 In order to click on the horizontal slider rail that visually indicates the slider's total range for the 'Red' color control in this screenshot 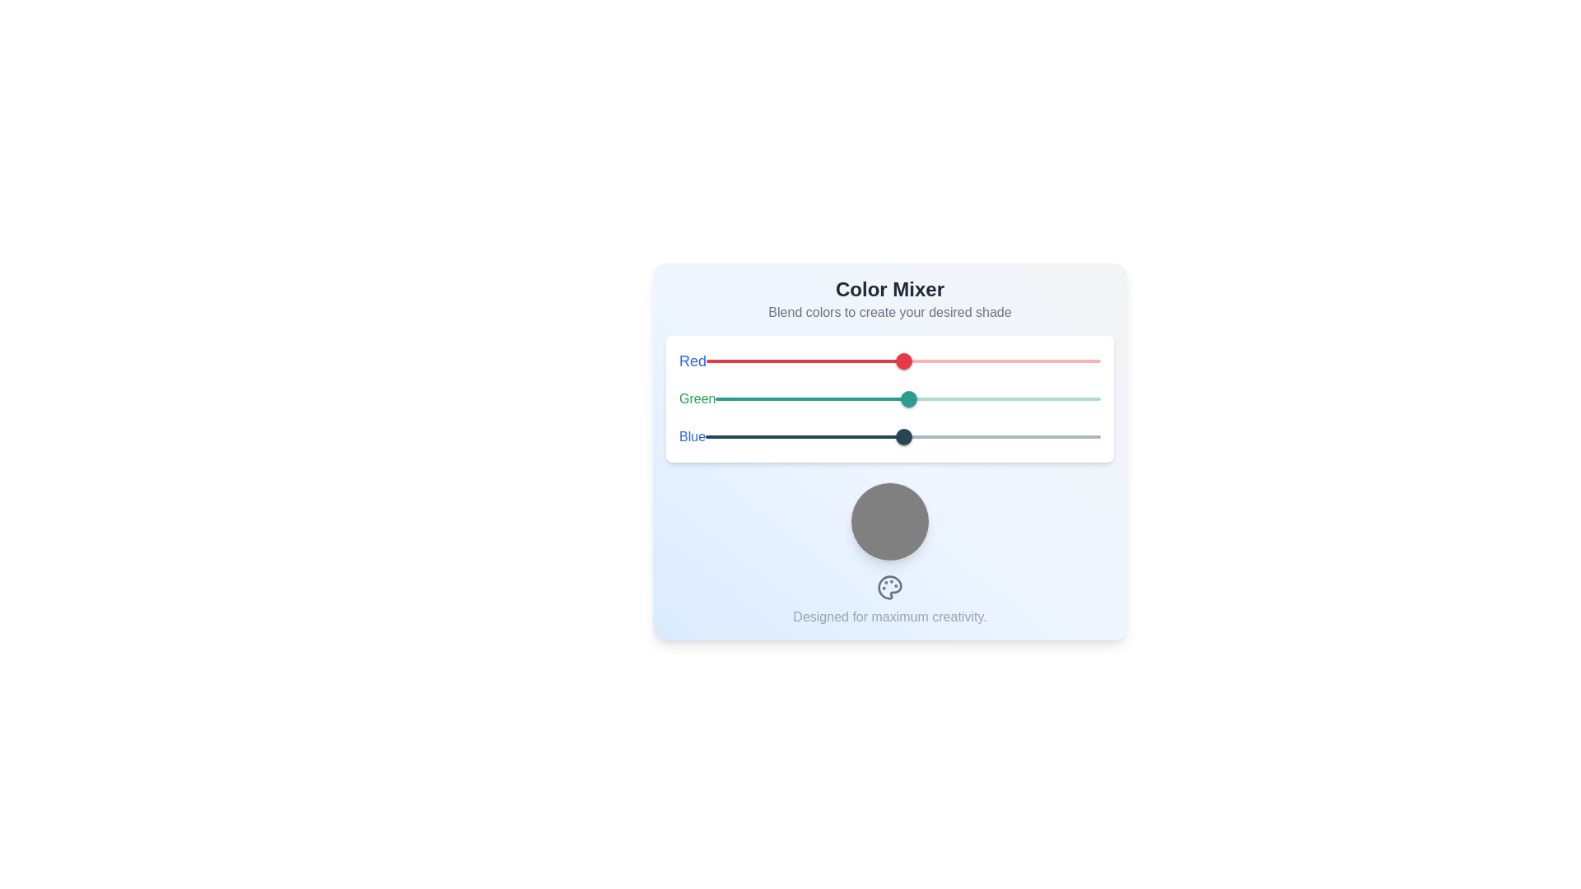, I will do `click(907, 399)`.